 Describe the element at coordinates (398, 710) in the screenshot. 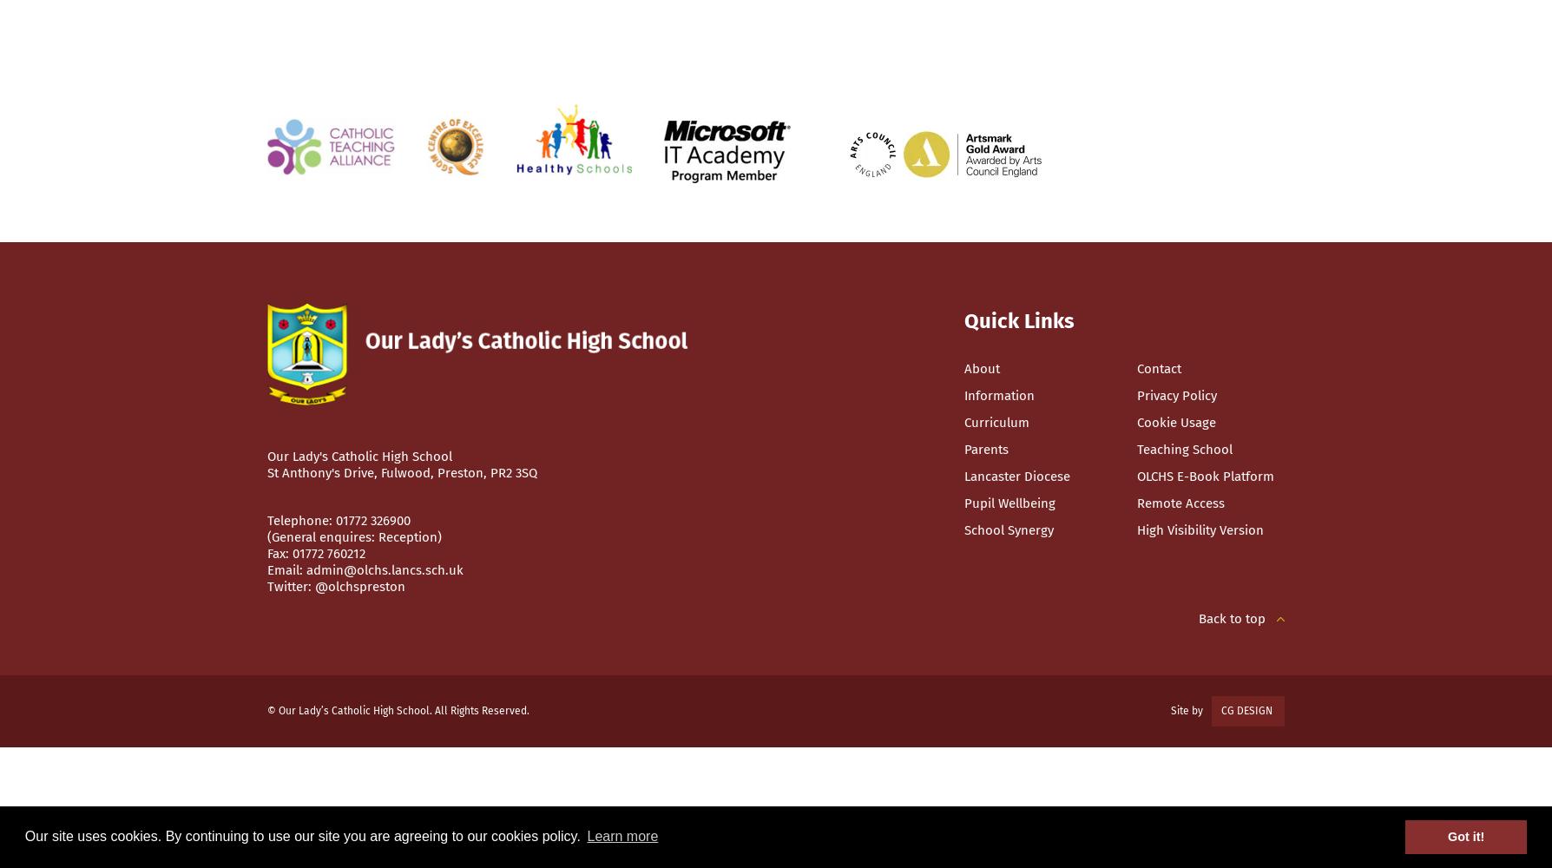

I see `'© Our Lady’s Catholic High School. All Rights Reserved.'` at that location.